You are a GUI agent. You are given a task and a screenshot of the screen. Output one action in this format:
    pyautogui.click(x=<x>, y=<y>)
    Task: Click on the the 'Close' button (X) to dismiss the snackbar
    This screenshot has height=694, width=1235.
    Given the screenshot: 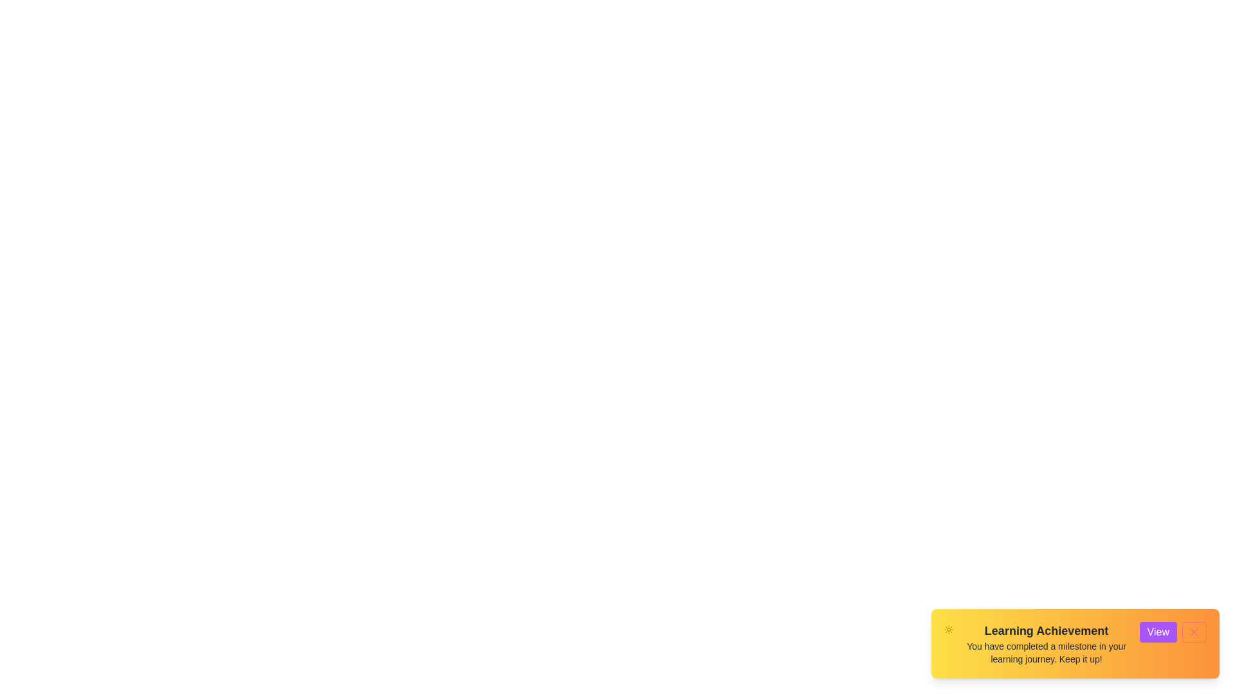 What is the action you would take?
    pyautogui.click(x=1194, y=631)
    